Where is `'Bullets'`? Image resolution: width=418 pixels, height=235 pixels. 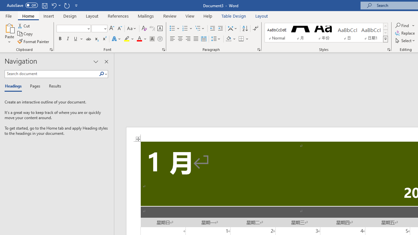
'Bullets' is located at coordinates (175, 28).